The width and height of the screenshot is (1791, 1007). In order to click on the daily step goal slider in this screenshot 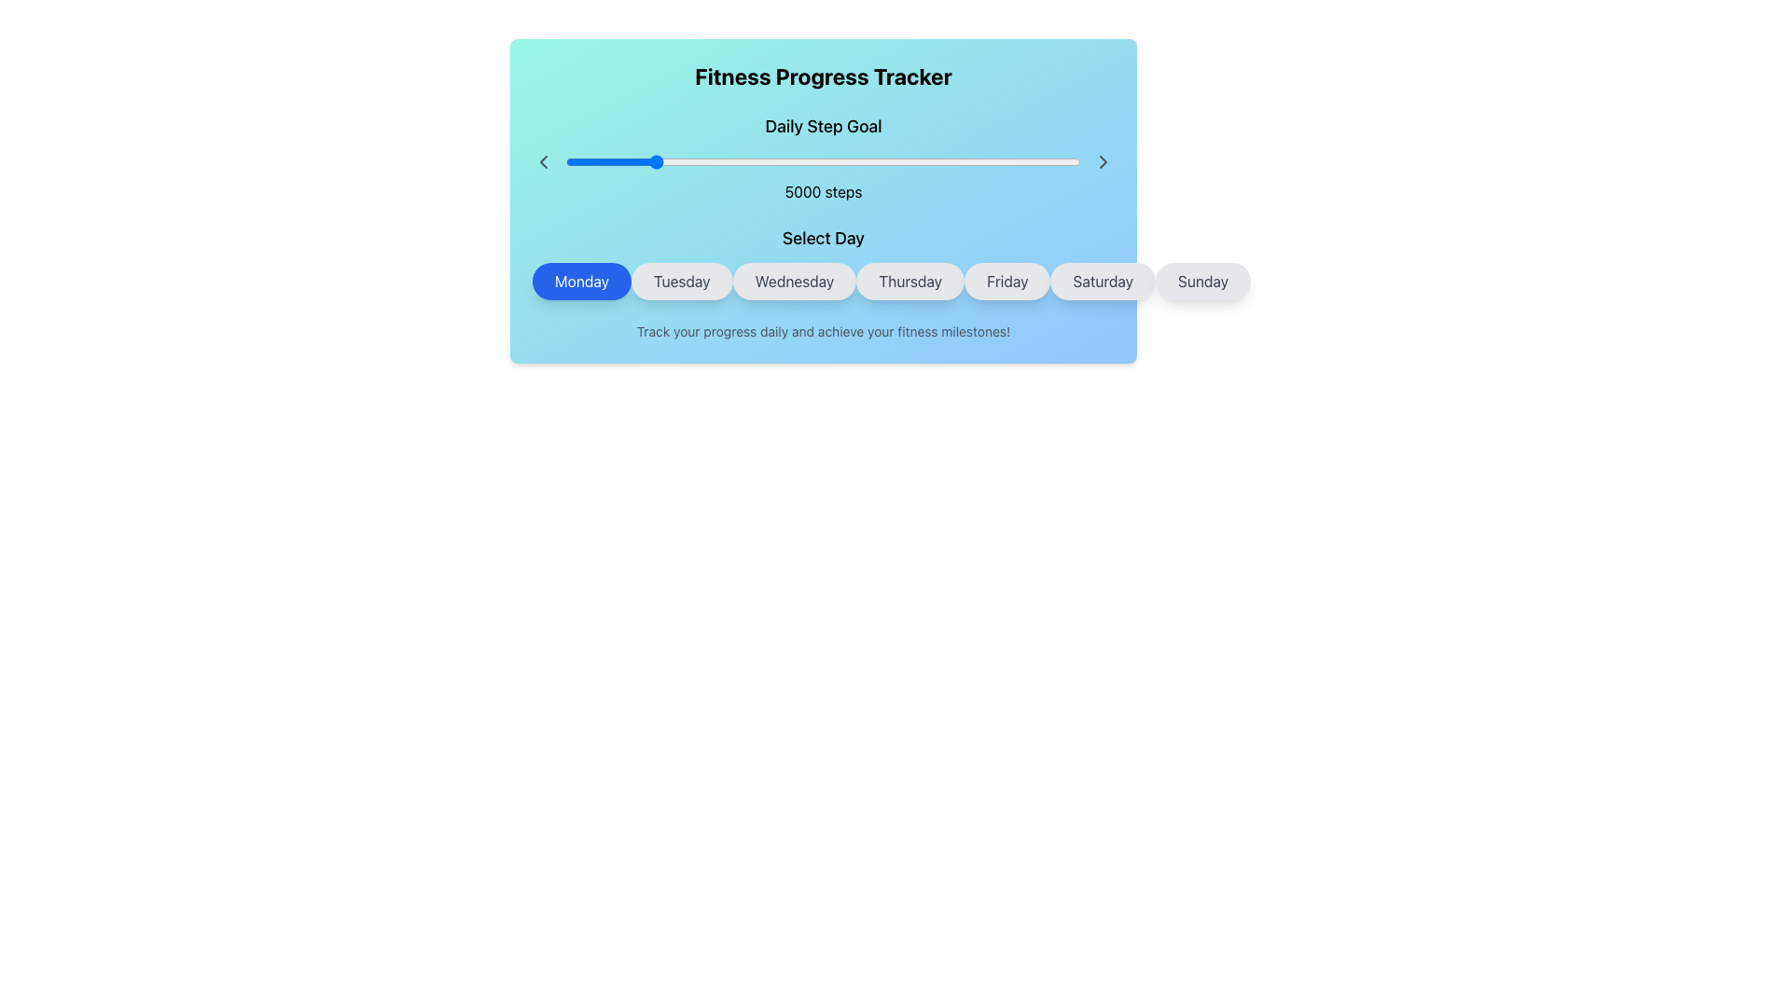, I will do `click(1017, 160)`.